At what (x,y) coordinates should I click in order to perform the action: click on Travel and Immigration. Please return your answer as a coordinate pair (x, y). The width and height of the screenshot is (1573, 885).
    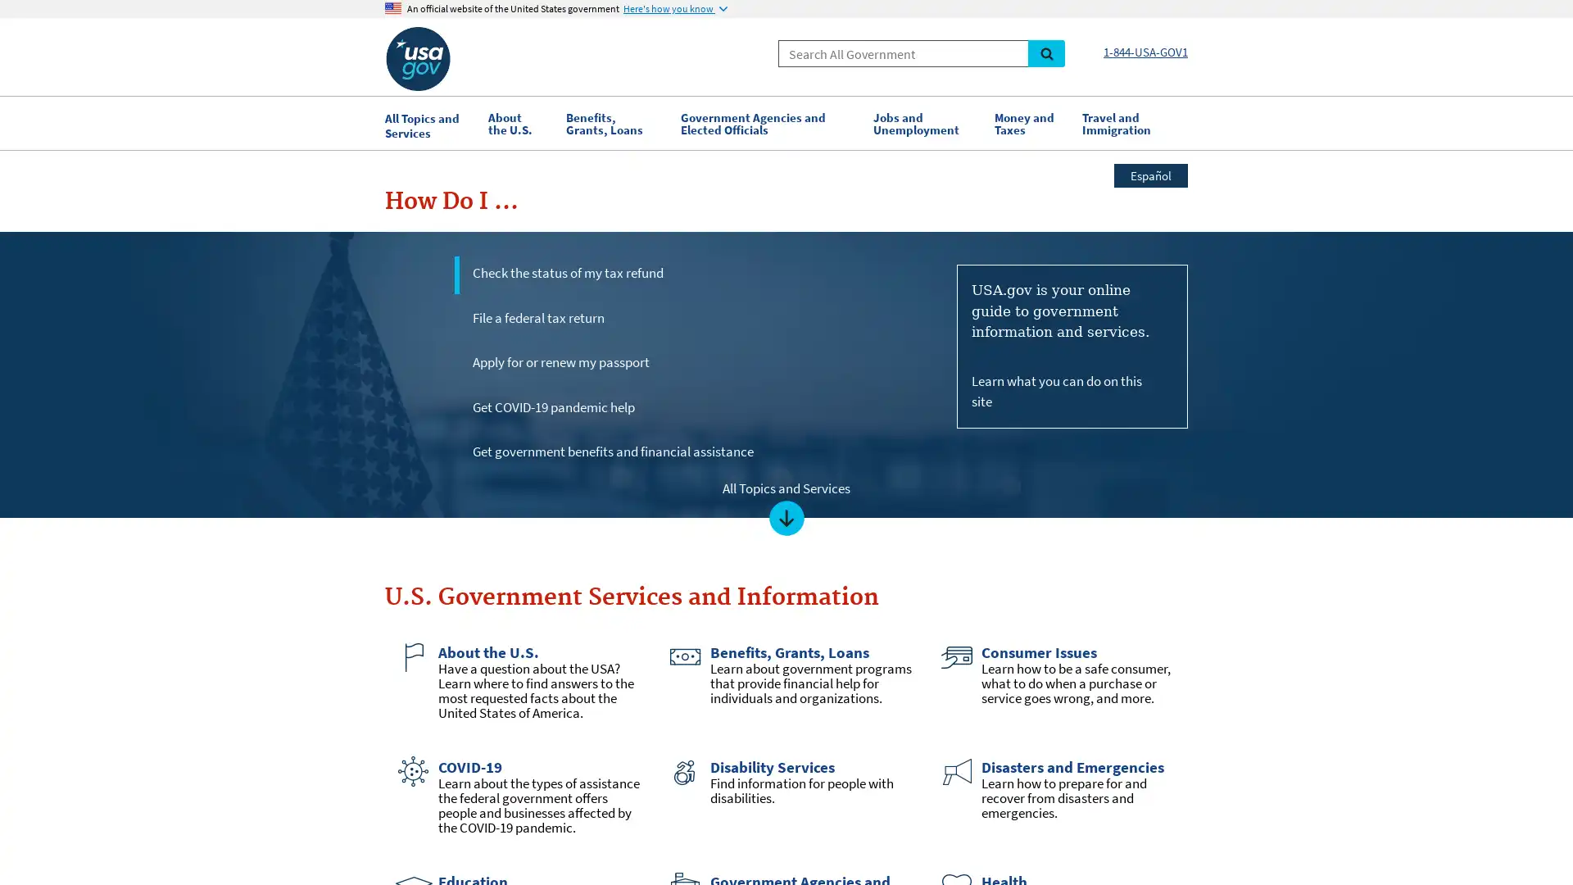
    Looking at the image, I should click on (1130, 122).